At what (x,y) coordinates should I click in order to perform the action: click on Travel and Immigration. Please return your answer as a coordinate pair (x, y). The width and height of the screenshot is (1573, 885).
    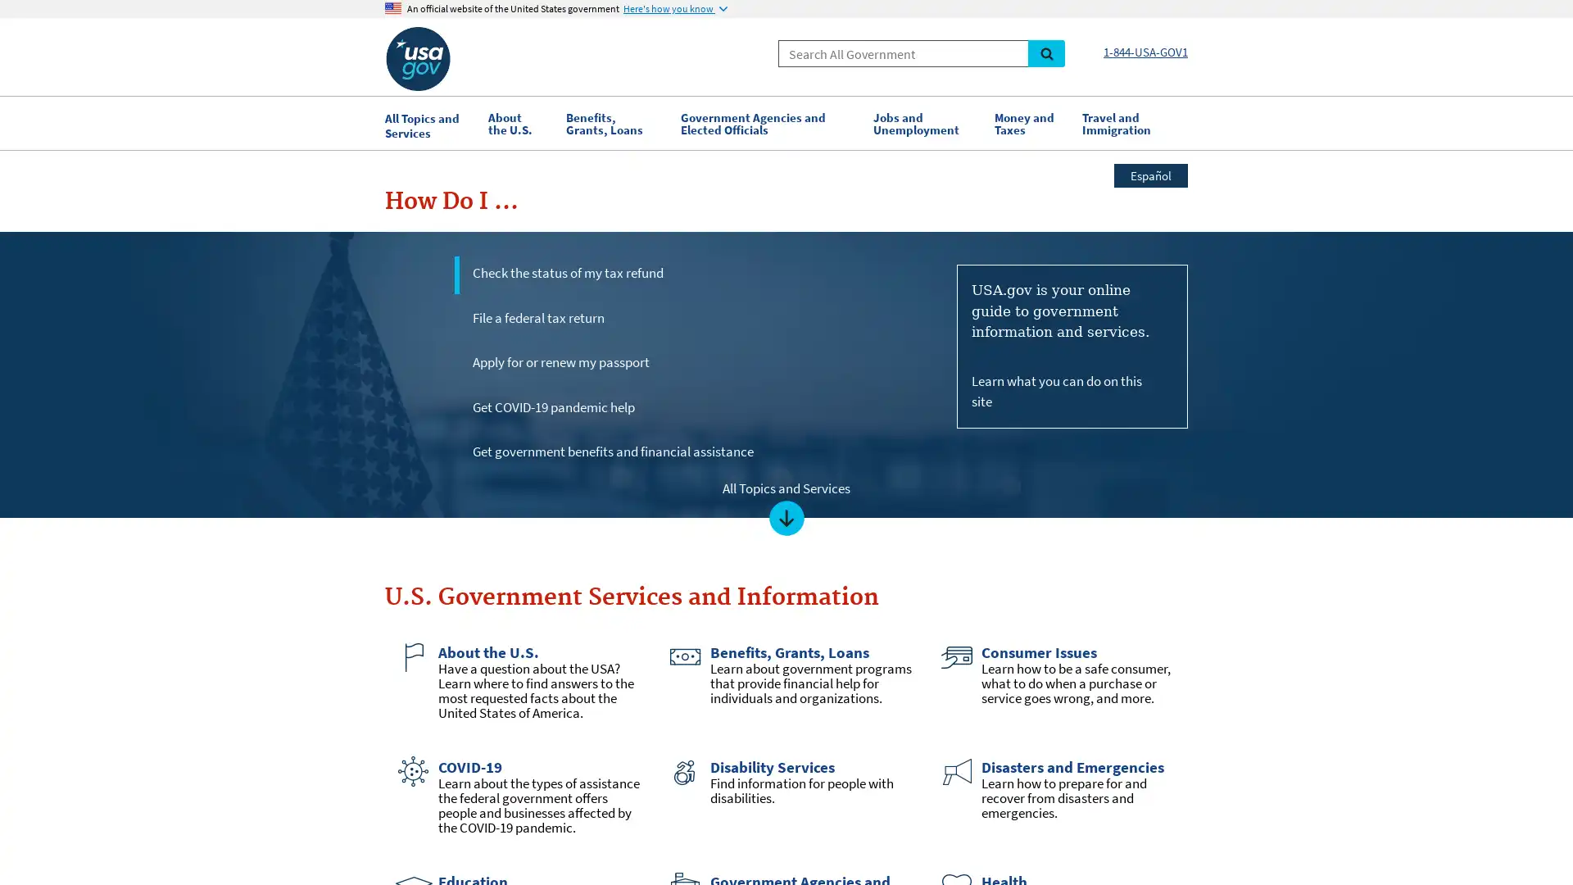
    Looking at the image, I should click on (1130, 122).